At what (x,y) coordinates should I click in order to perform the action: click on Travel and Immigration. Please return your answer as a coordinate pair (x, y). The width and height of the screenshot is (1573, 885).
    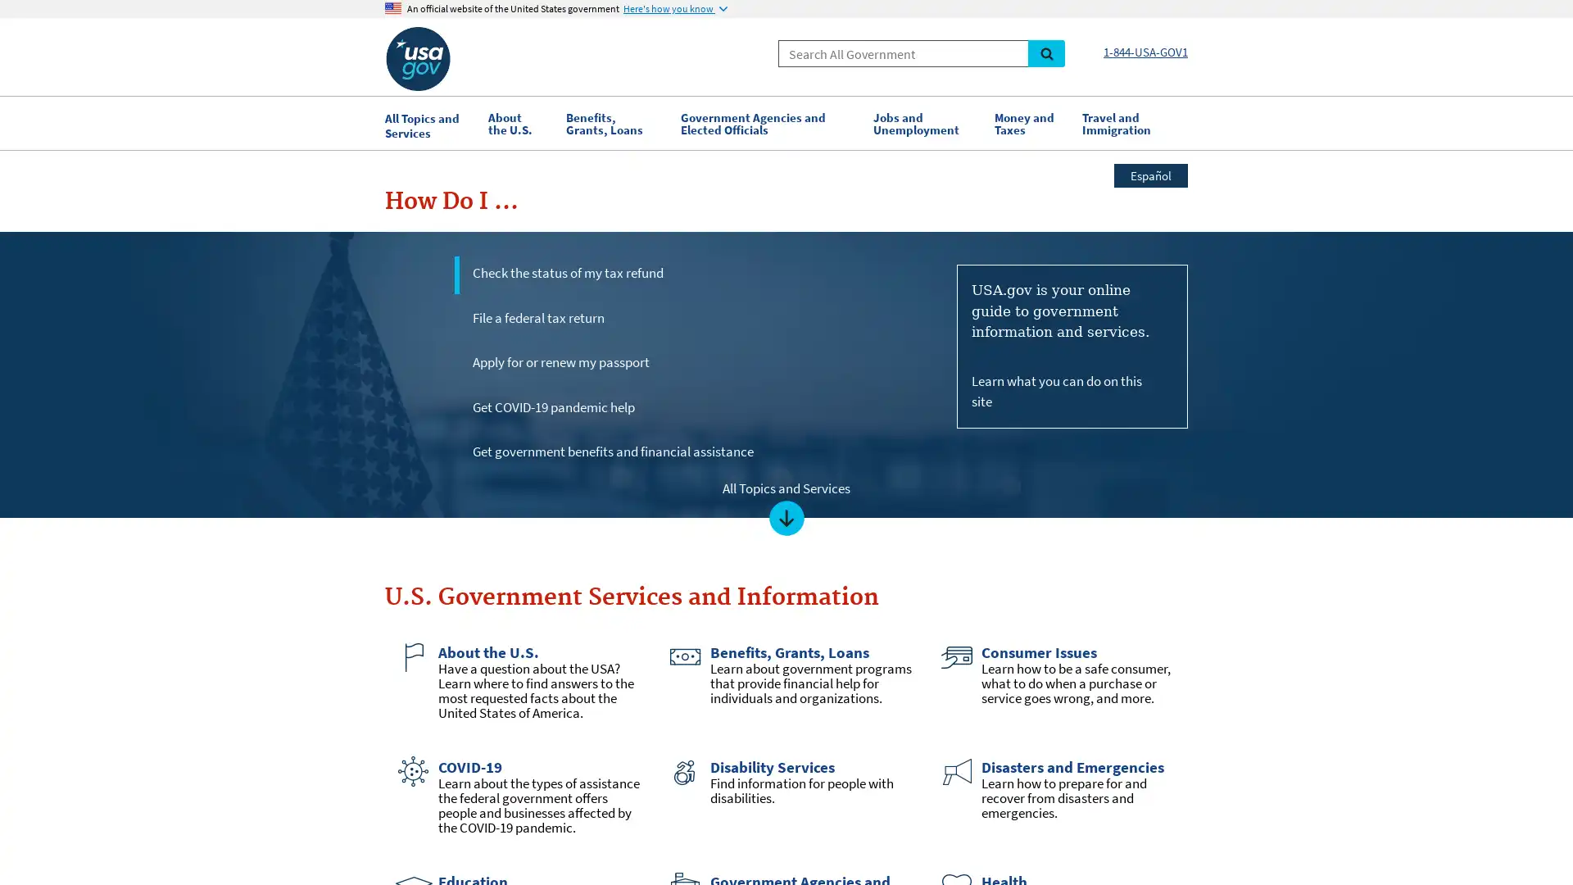
    Looking at the image, I should click on (1130, 122).